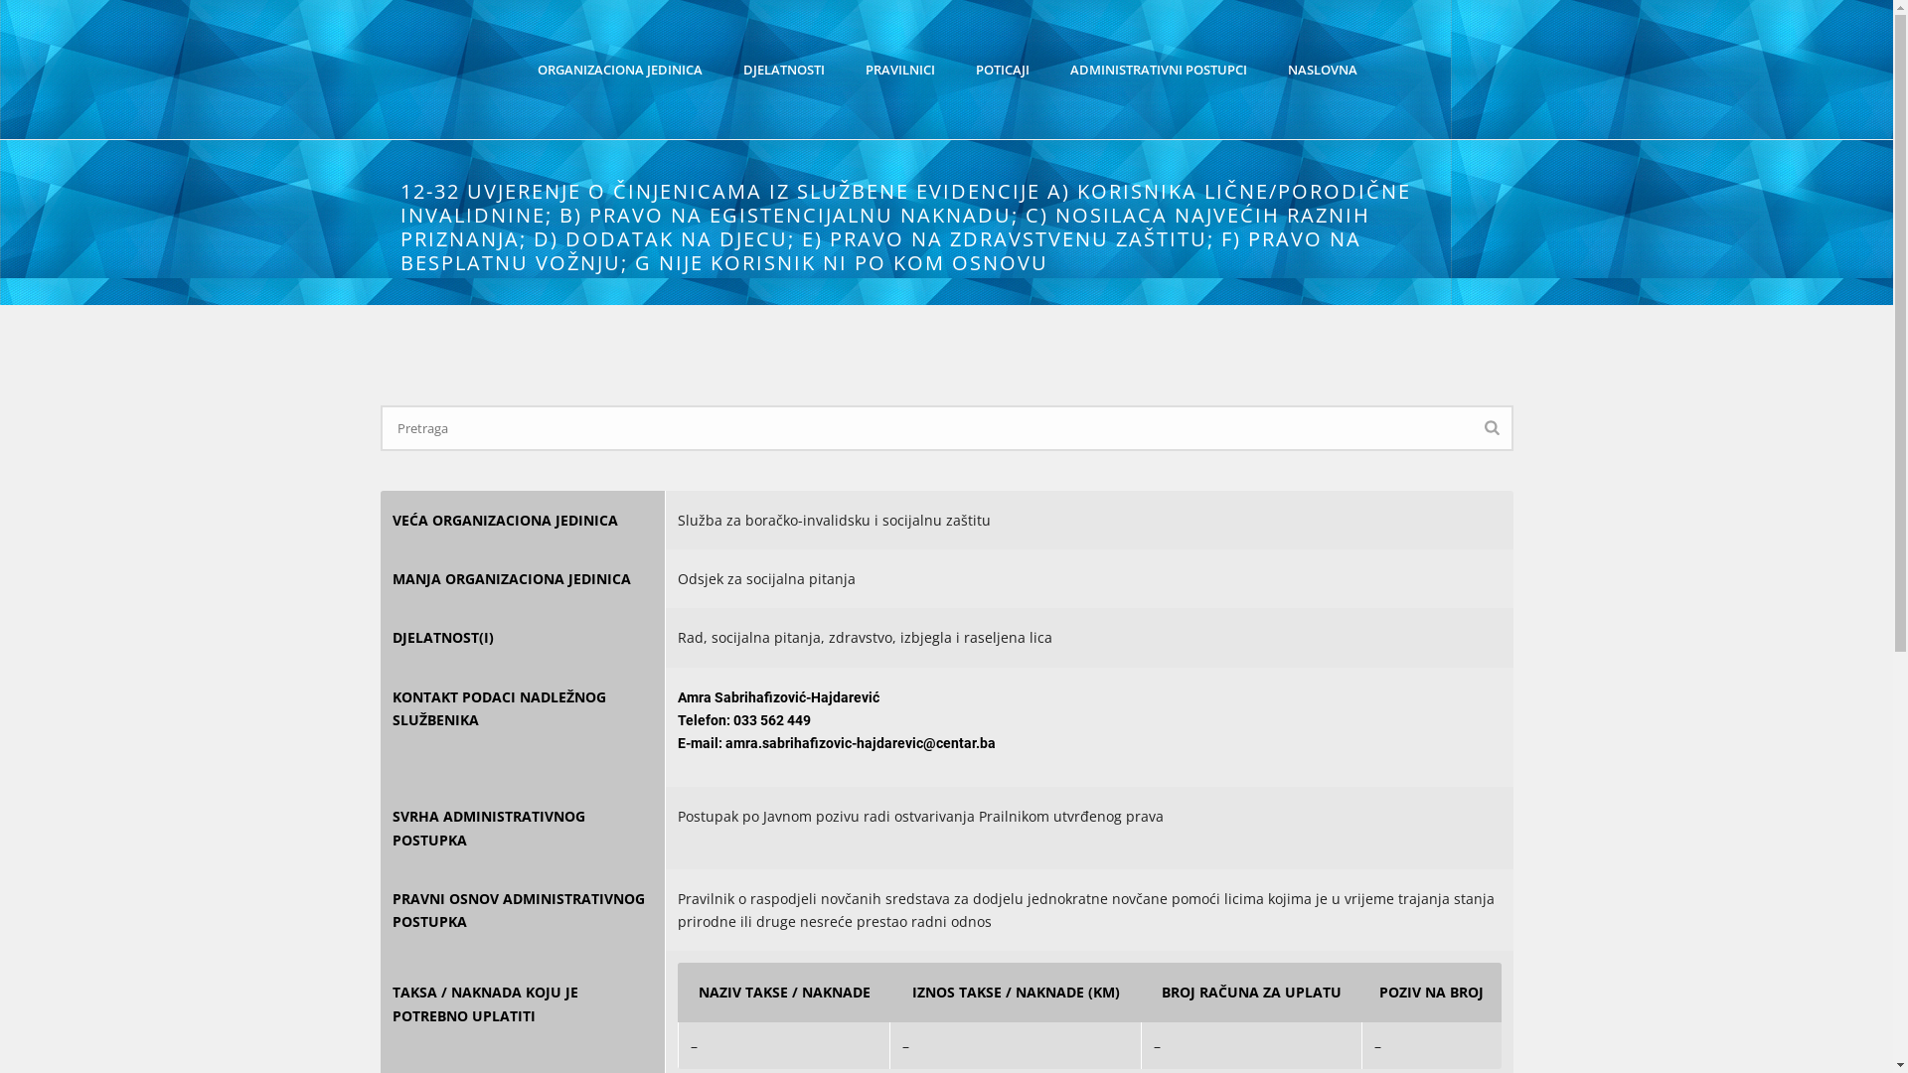 This screenshot has width=1908, height=1073. I want to click on 'POTICAJI', so click(1002, 68).